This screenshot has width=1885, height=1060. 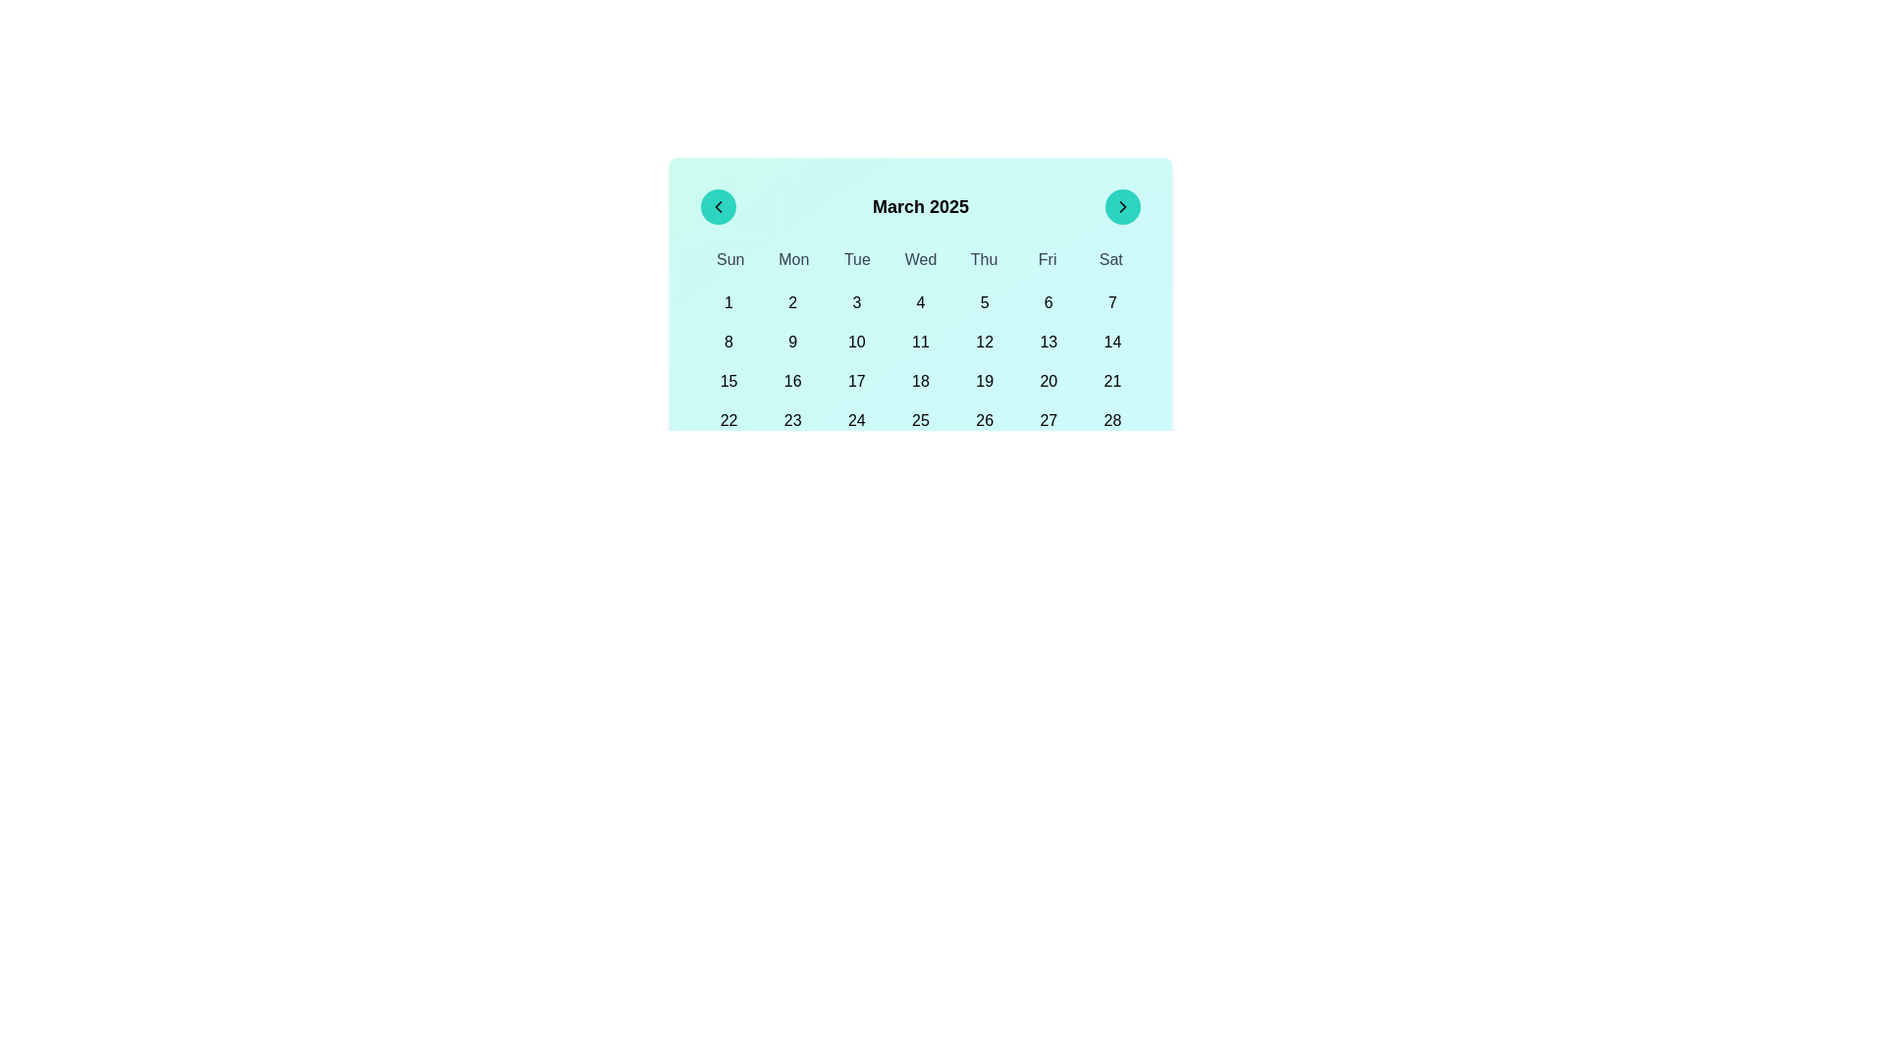 I want to click on the button representing the date '3', so click(x=856, y=302).